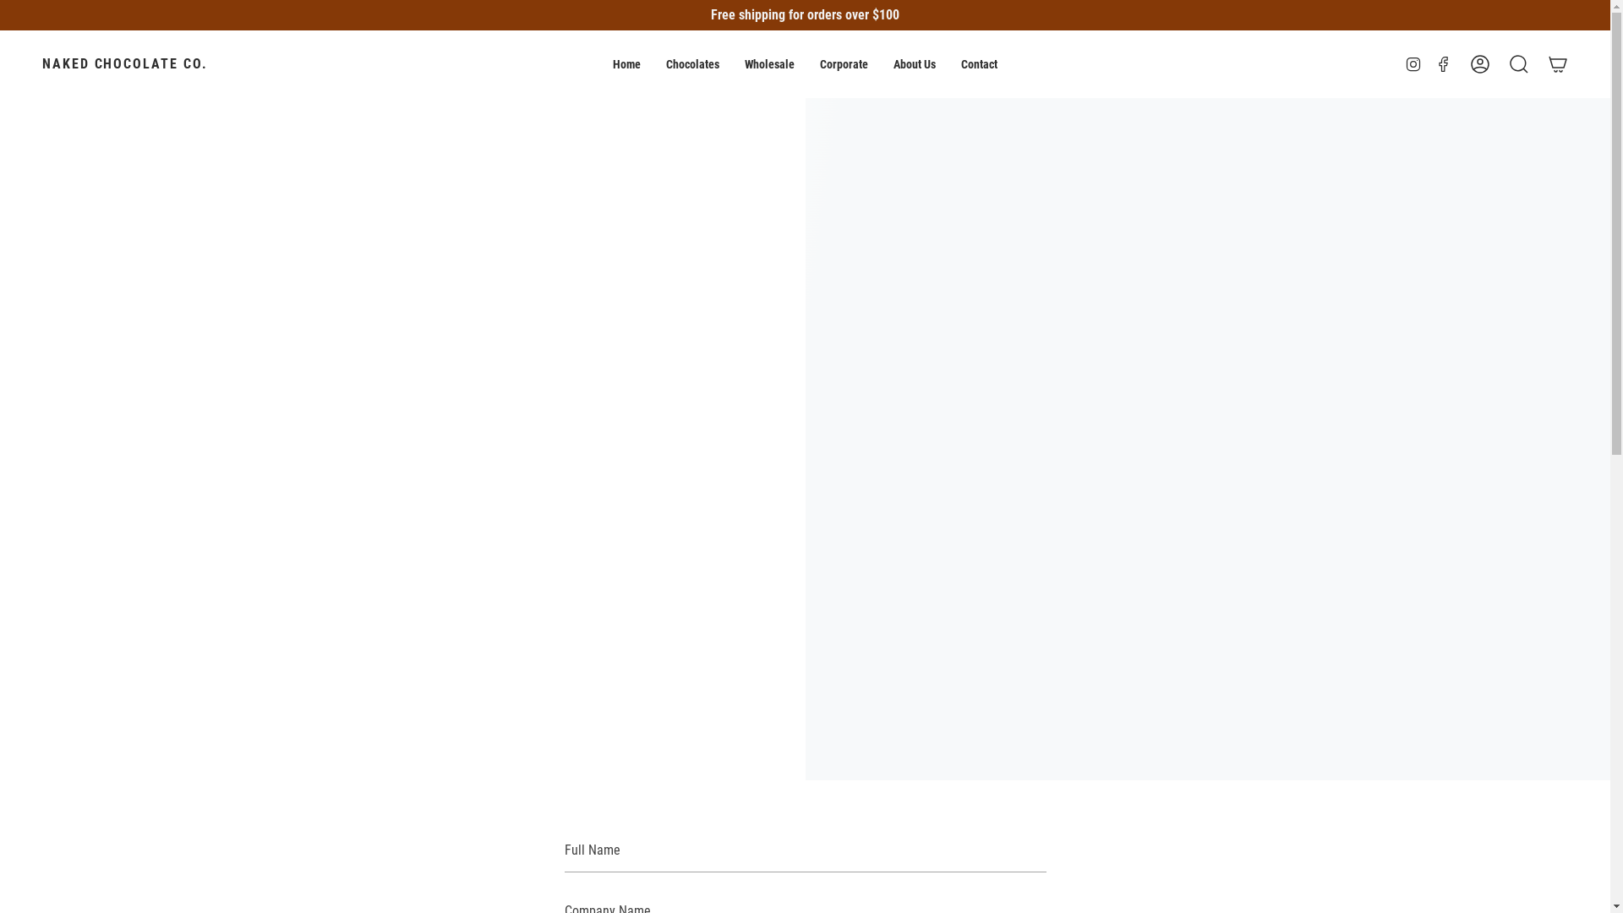 This screenshot has width=1623, height=913. What do you see at coordinates (123, 63) in the screenshot?
I see `'NAKED CHOCOLATE CO.'` at bounding box center [123, 63].